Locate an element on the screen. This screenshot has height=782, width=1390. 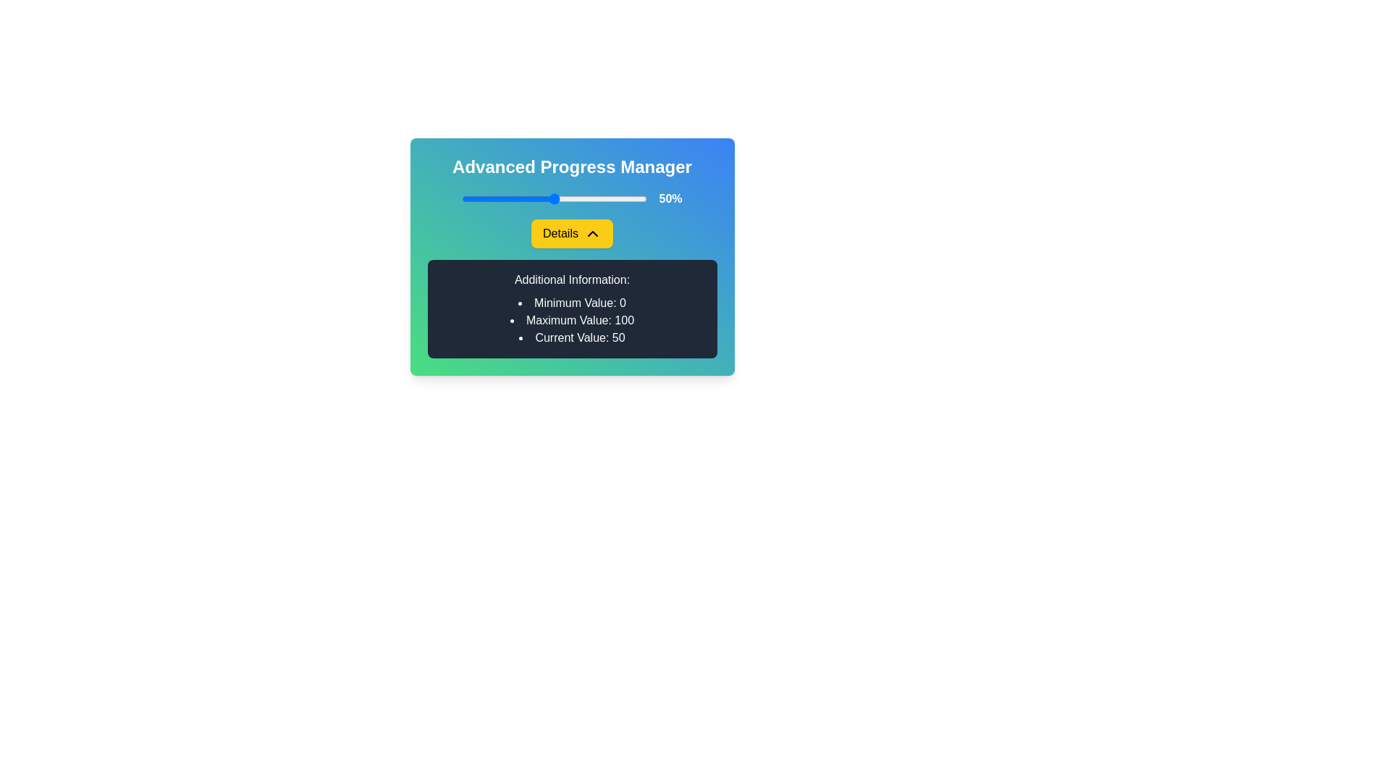
the 'Details' button to toggle additional information is located at coordinates (571, 233).